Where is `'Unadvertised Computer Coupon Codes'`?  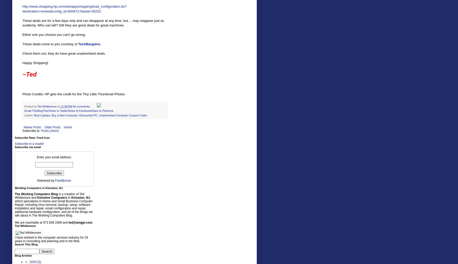 'Unadvertised Computer Coupon Codes' is located at coordinates (123, 115).